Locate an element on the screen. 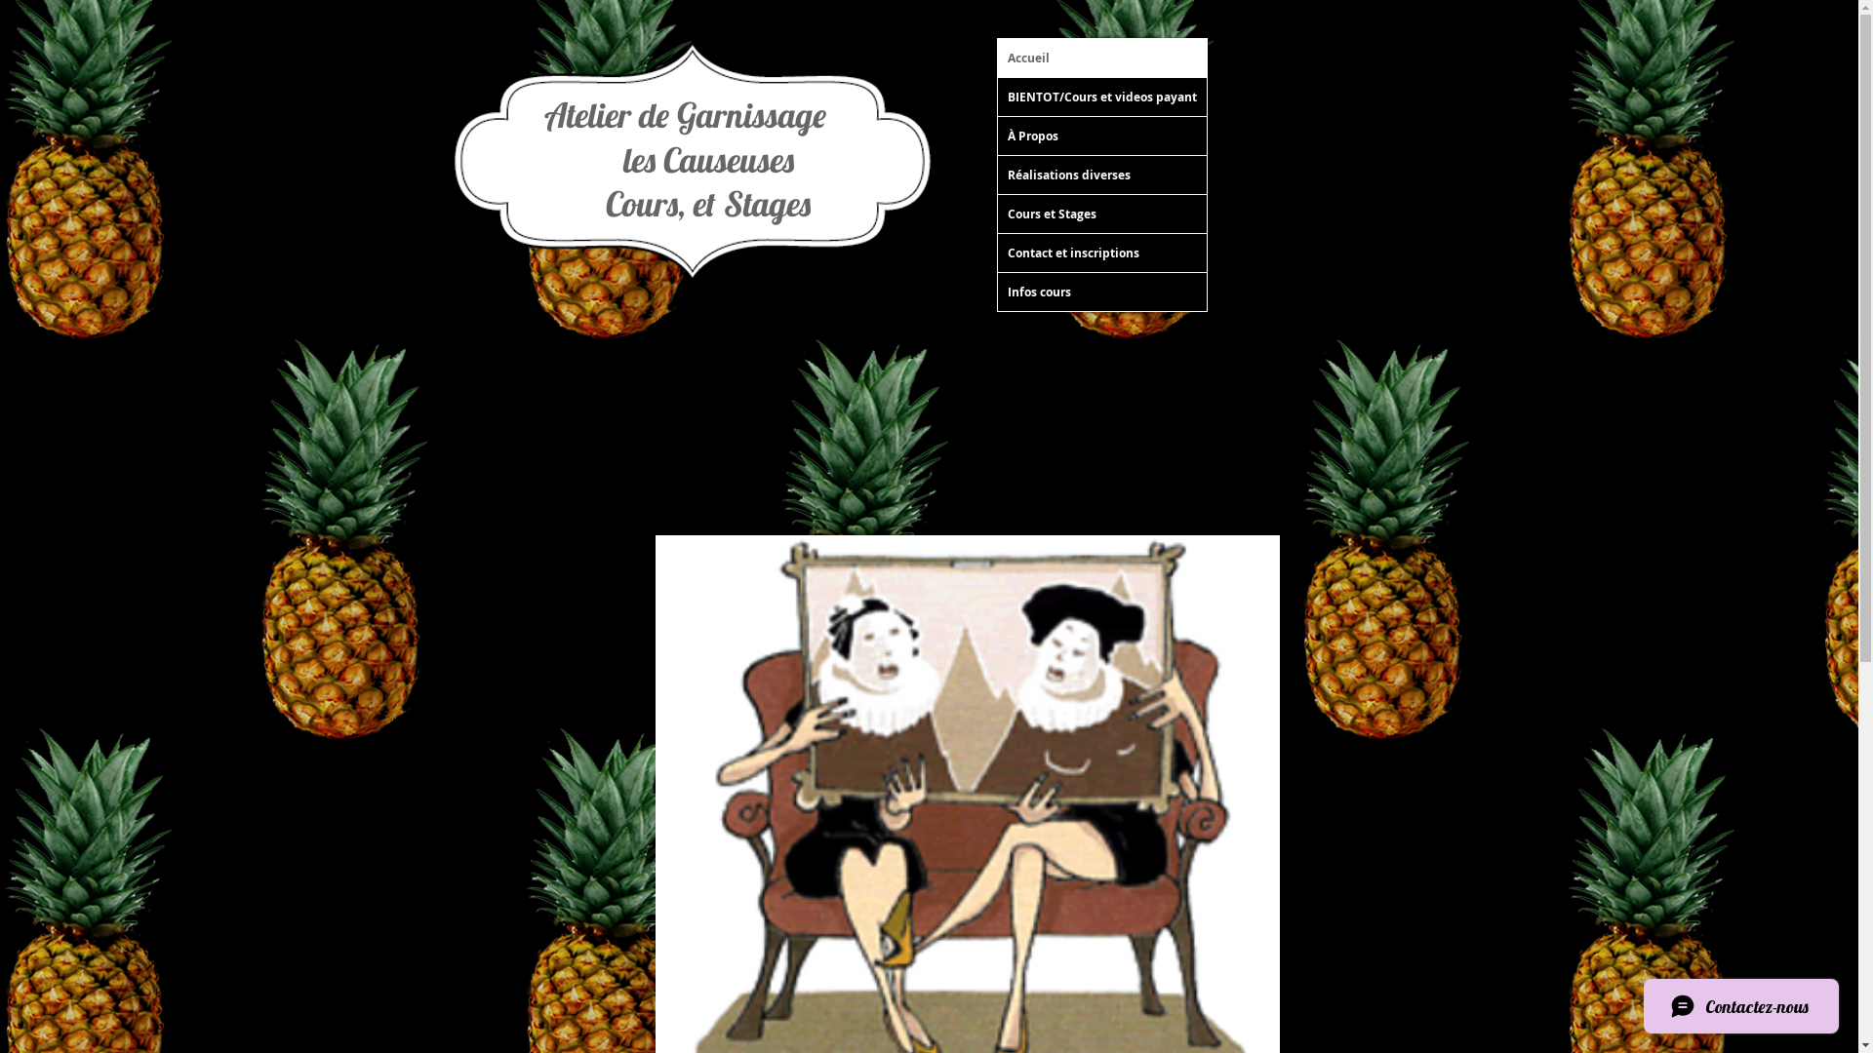  'Accueil' is located at coordinates (1100, 57).